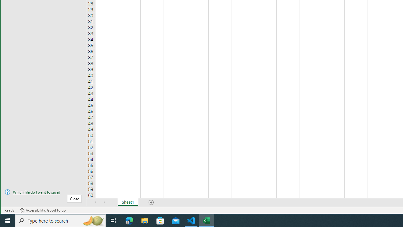  Describe the element at coordinates (207, 220) in the screenshot. I see `'Excel - 1 running window'` at that location.